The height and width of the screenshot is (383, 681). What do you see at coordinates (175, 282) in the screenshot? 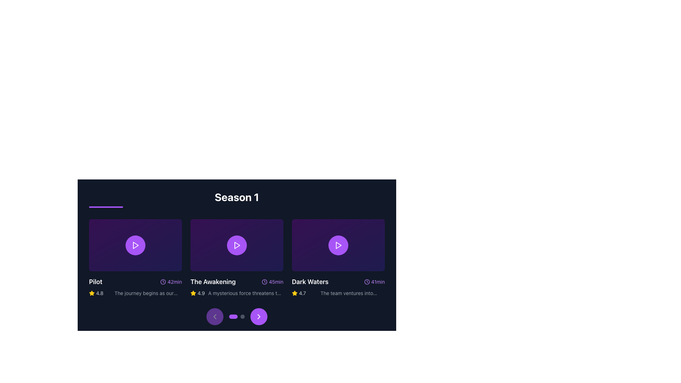
I see `information displayed in the Text label that shows the runtime of the second video item, located next to the clock icon` at bounding box center [175, 282].